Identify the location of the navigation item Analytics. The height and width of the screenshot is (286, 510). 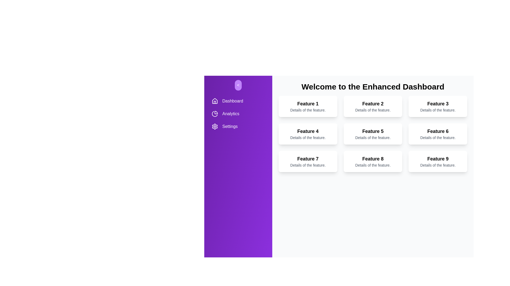
(238, 113).